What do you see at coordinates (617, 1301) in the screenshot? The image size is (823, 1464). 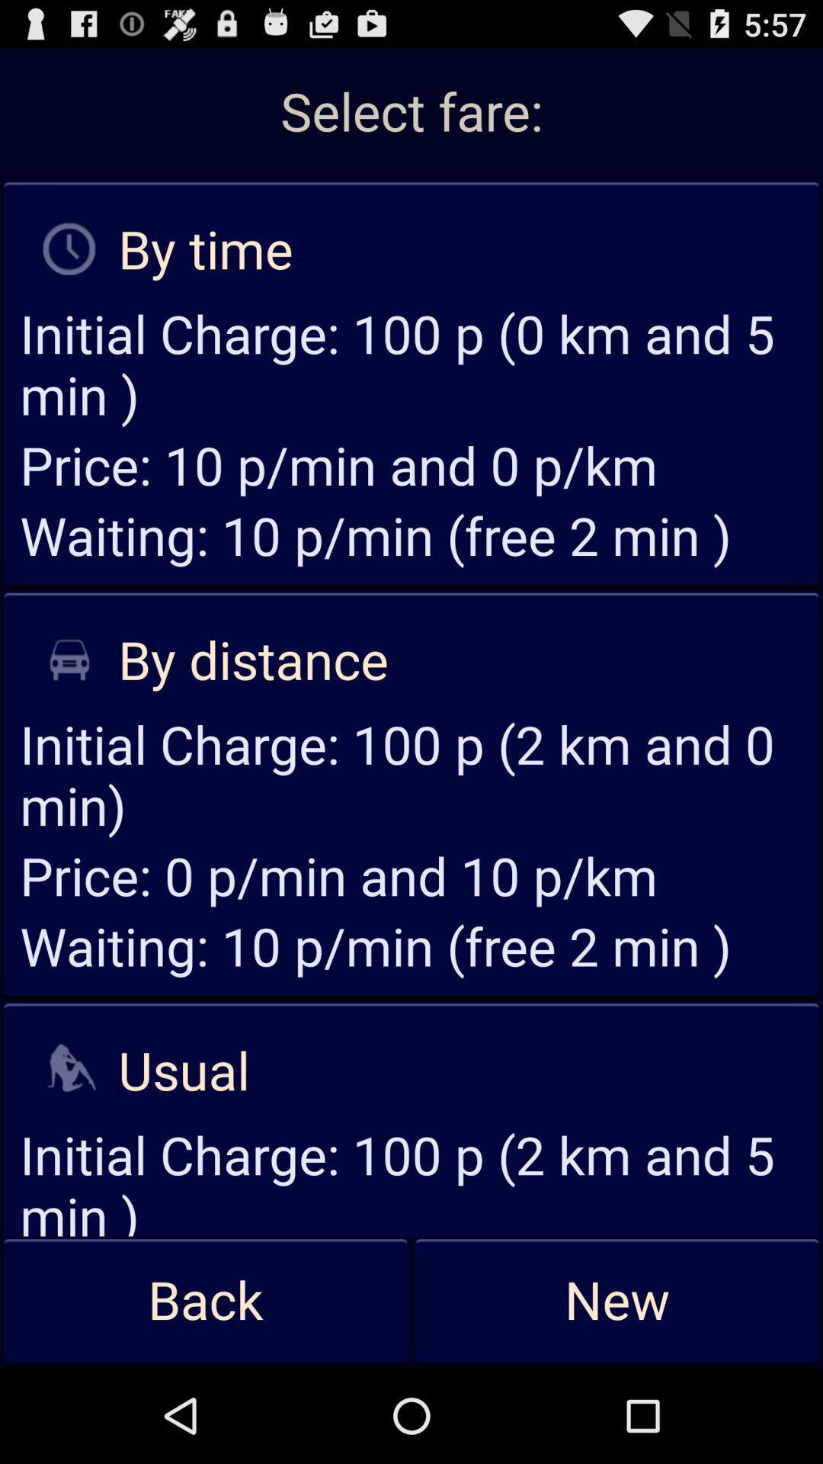 I see `app next to the back app` at bounding box center [617, 1301].